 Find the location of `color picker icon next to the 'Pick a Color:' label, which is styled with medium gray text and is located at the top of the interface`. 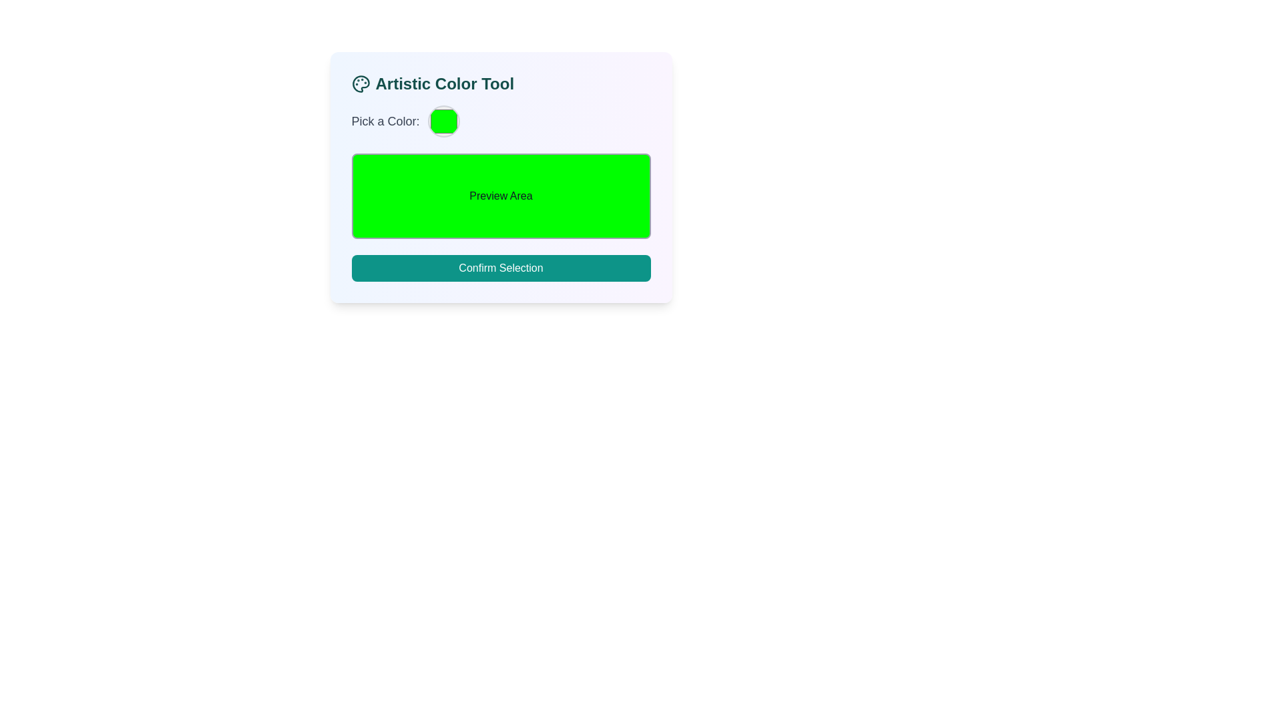

color picker icon next to the 'Pick a Color:' label, which is styled with medium gray text and is located at the top of the interface is located at coordinates (500, 121).